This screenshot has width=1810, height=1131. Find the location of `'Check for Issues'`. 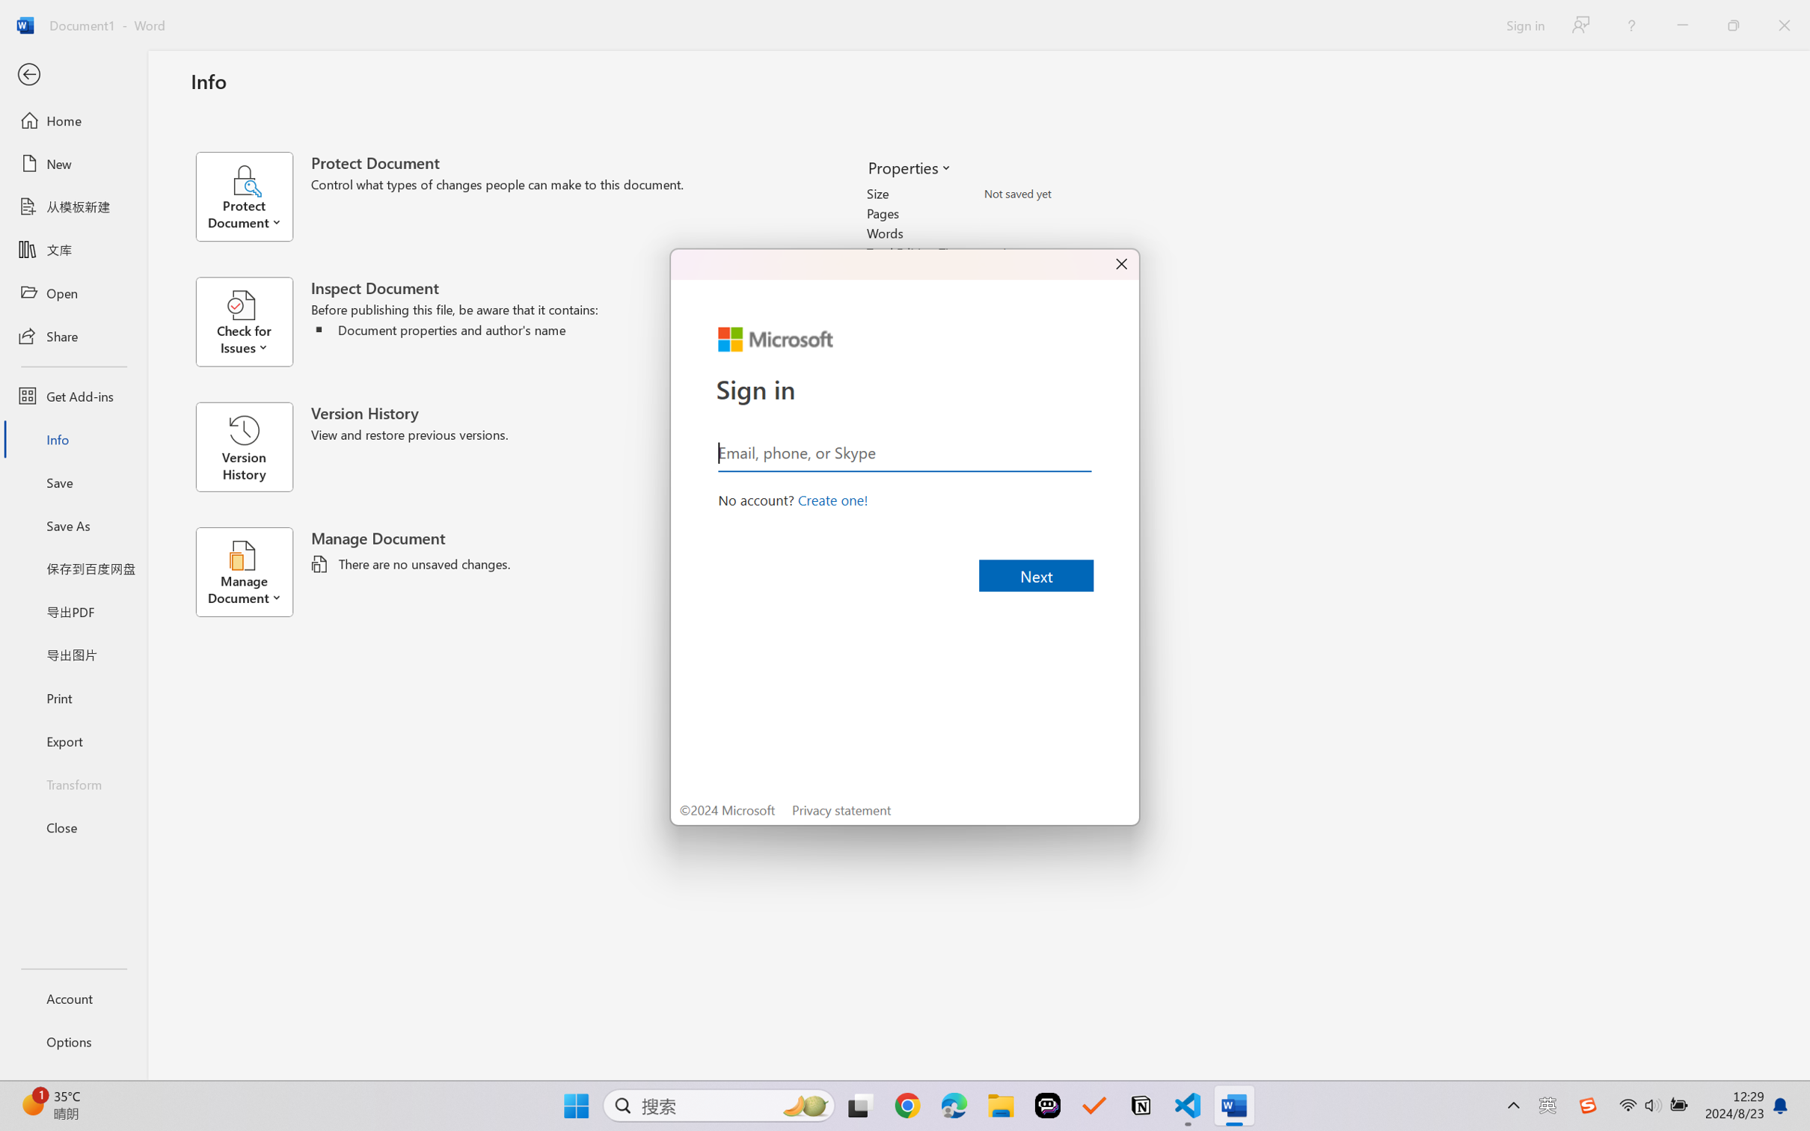

'Check for Issues' is located at coordinates (252, 321).